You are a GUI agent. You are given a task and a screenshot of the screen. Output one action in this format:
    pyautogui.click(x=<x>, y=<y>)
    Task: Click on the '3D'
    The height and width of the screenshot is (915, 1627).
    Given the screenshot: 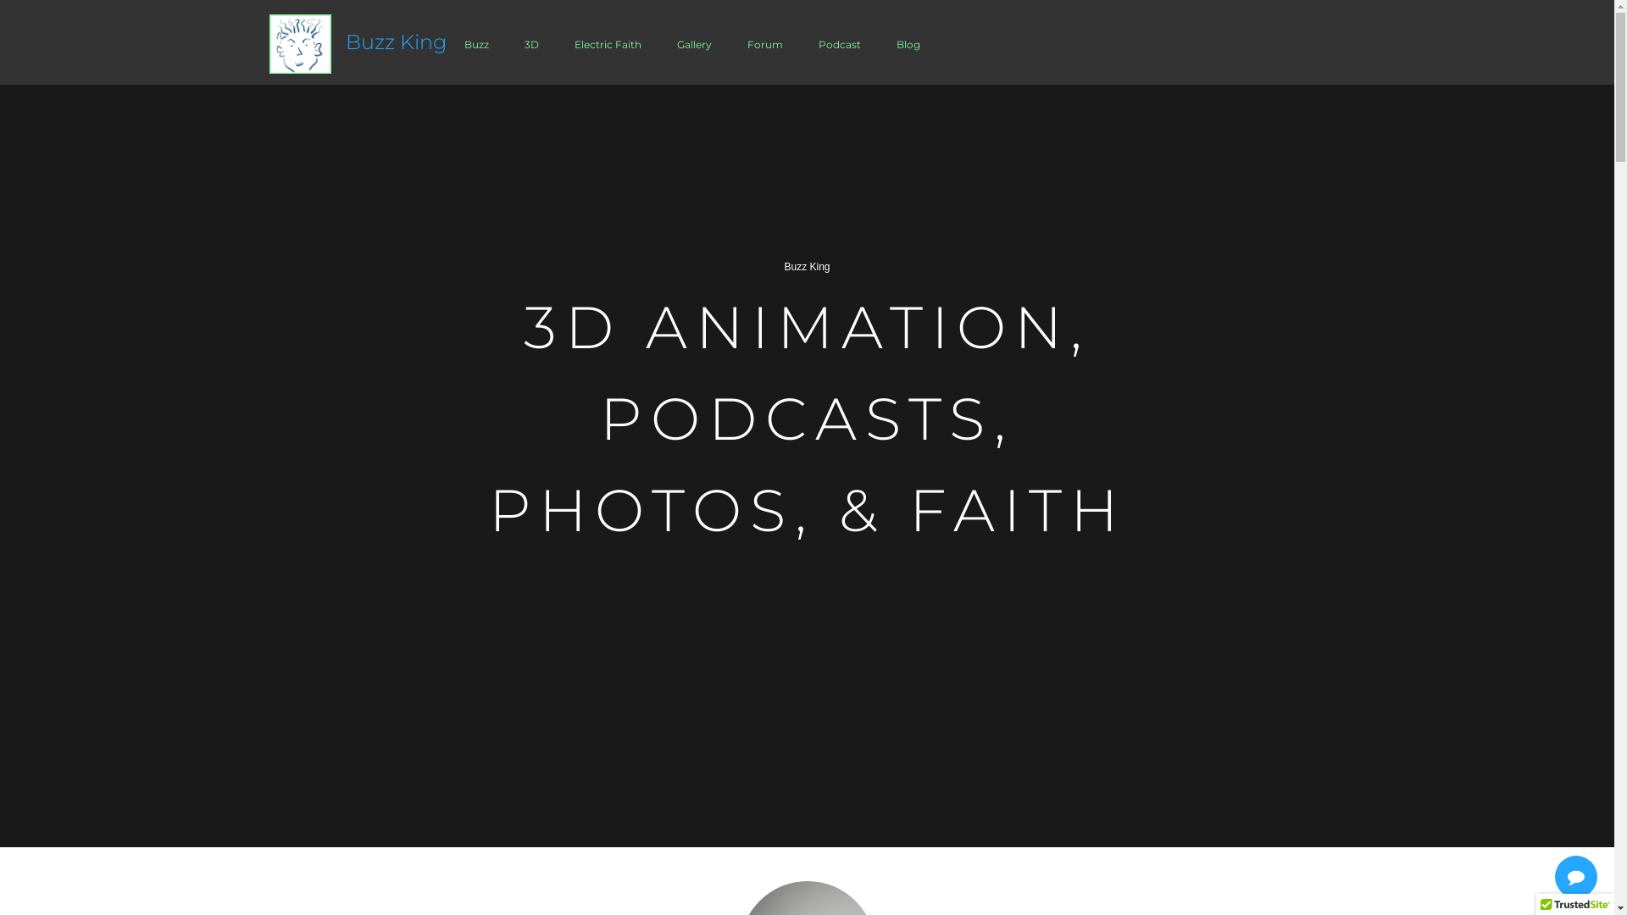 What is the action you would take?
    pyautogui.click(x=530, y=43)
    